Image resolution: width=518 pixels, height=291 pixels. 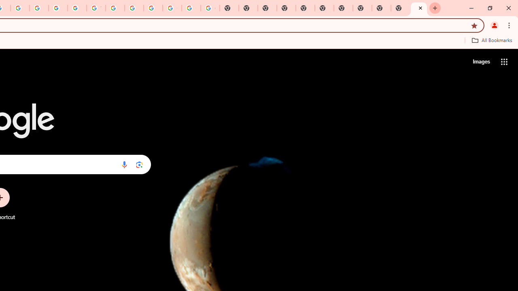 What do you see at coordinates (139, 164) in the screenshot?
I see `'Search by image'` at bounding box center [139, 164].